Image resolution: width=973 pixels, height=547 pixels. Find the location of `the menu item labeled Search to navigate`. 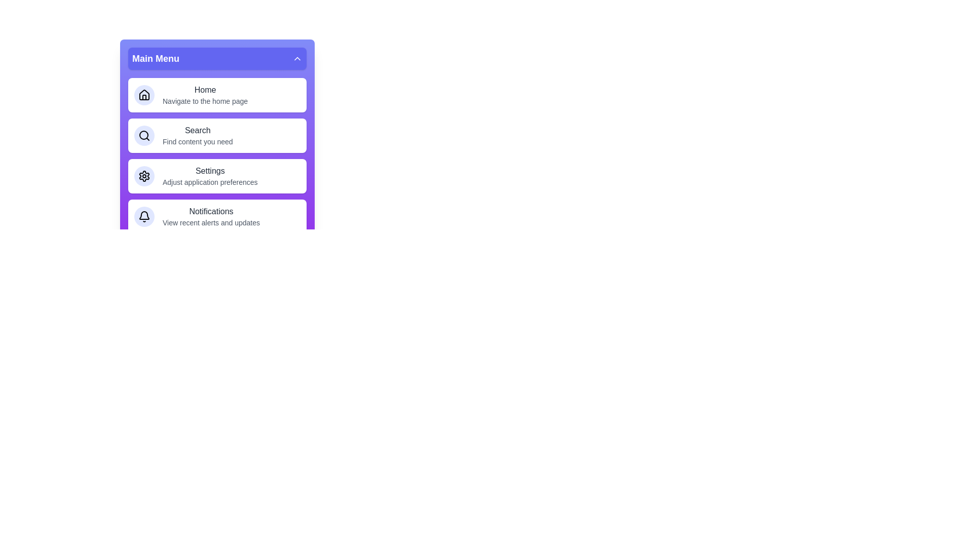

the menu item labeled Search to navigate is located at coordinates (216, 135).